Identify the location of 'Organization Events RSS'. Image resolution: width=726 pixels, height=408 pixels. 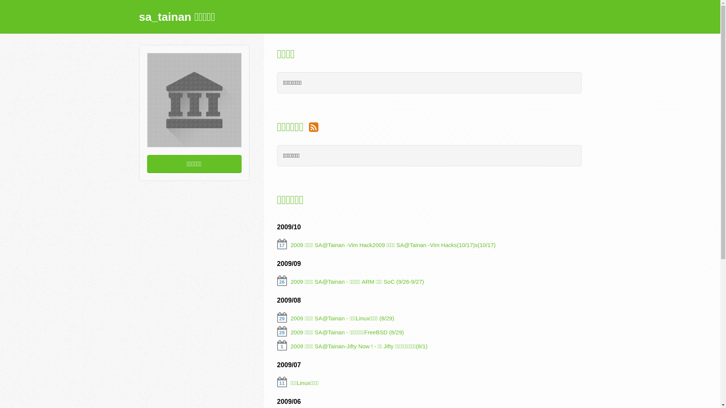
(313, 126).